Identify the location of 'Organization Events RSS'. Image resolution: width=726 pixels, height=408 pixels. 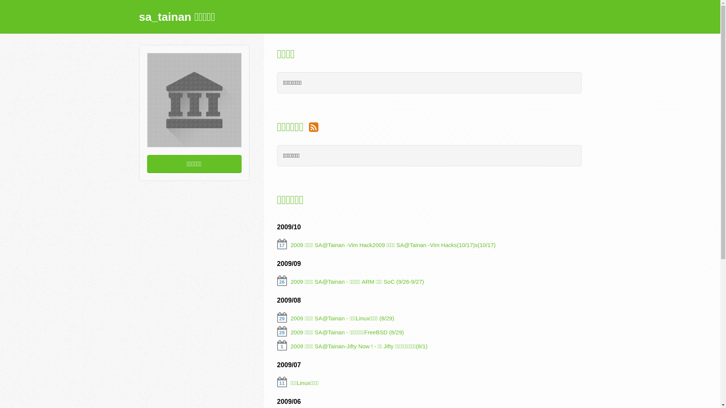
(313, 126).